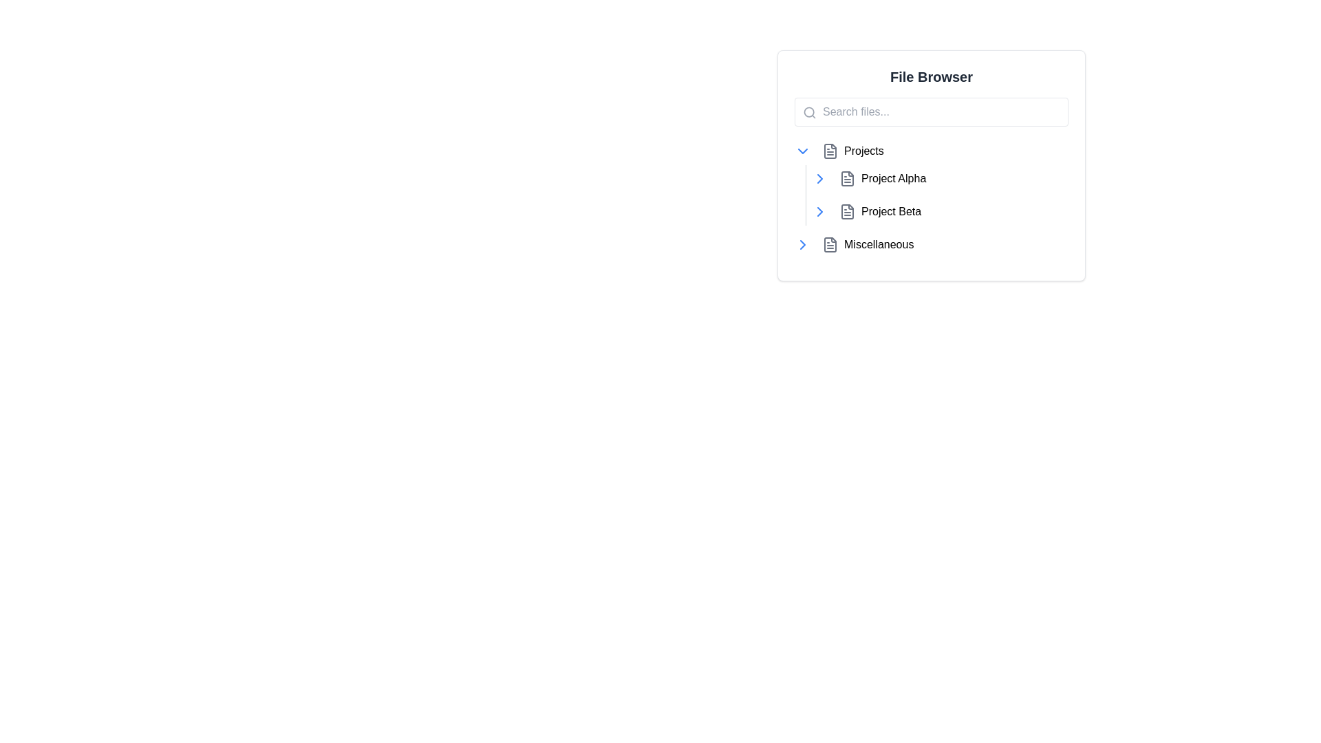 The image size is (1321, 743). I want to click on the small gray document icon that is part of the 'Project Beta' list item in the 'File Browser' panel, so click(847, 212).